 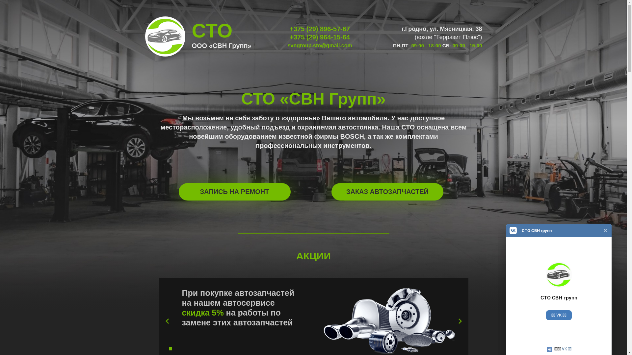 I want to click on '+375 (29) 896-57-67', so click(x=289, y=29).